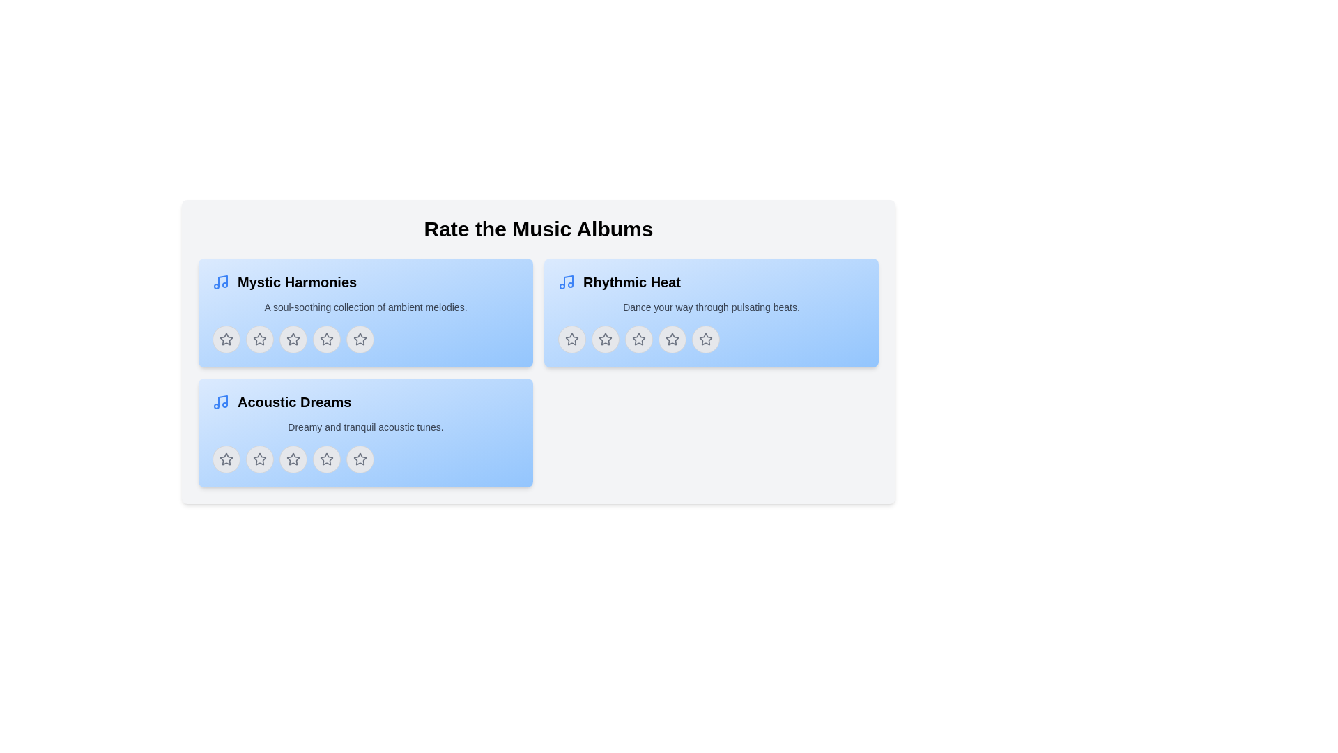  I want to click on the fourth star icon in the rating system of the 'Mystic Harmonies' card, so click(326, 339).